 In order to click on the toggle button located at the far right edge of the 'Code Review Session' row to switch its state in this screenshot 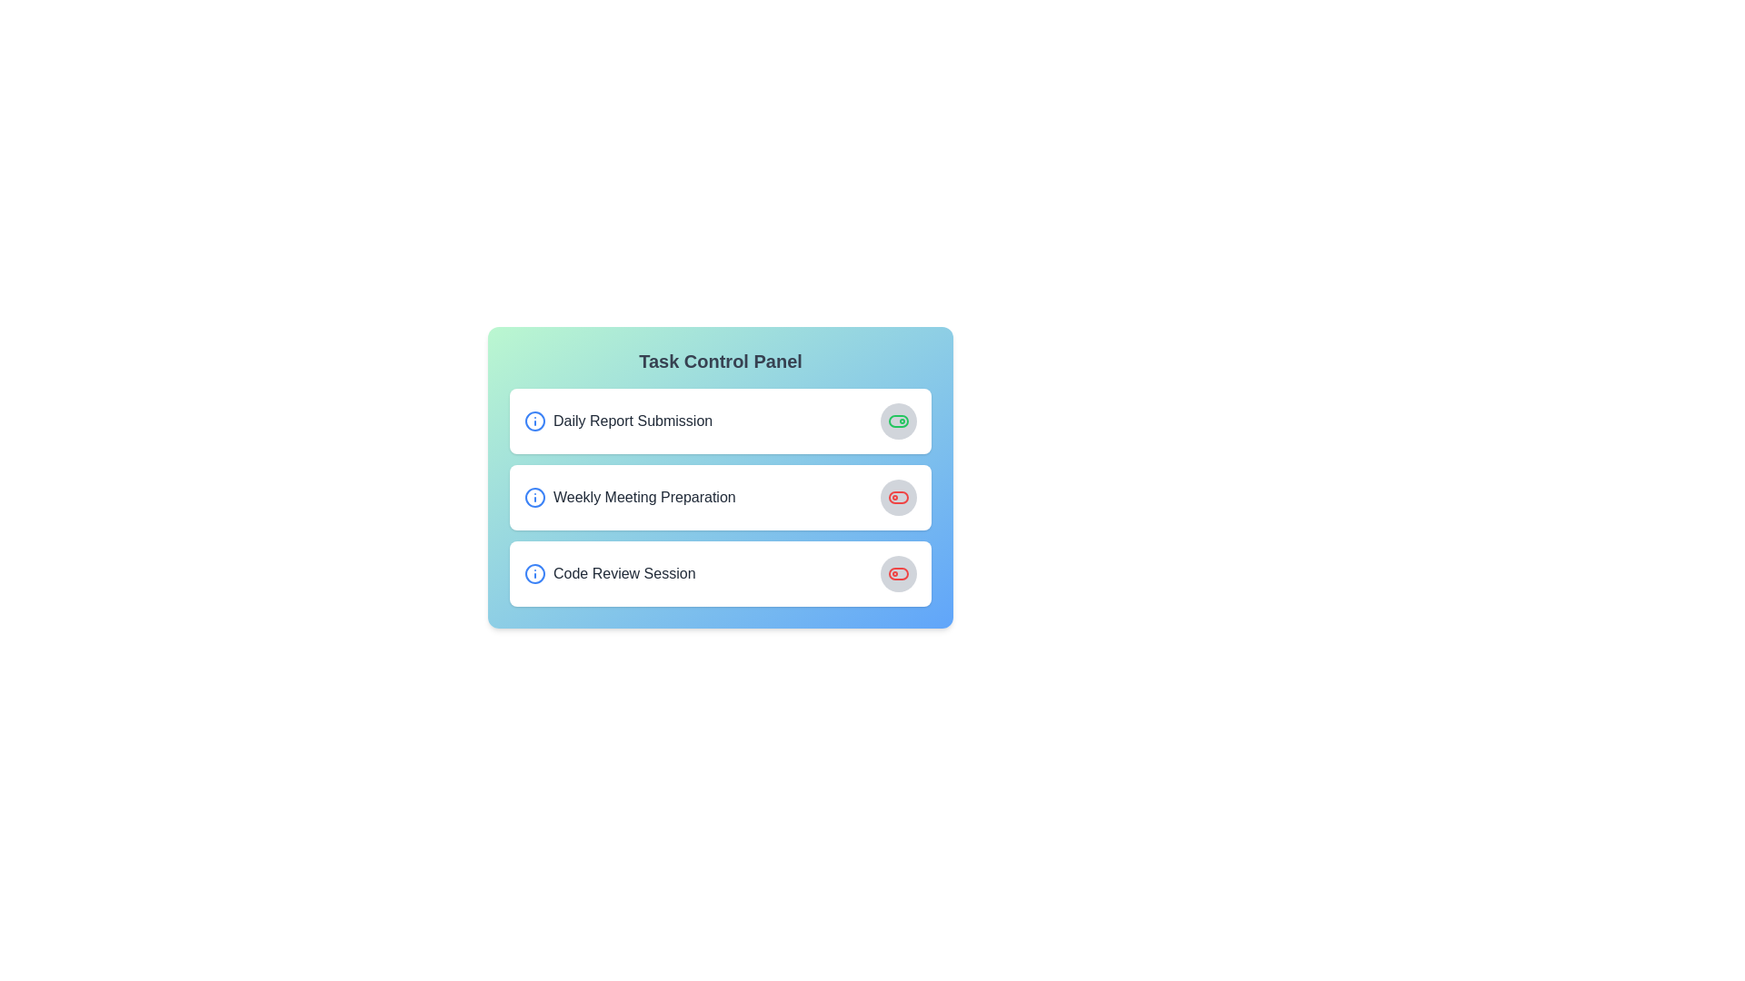, I will do `click(898, 574)`.